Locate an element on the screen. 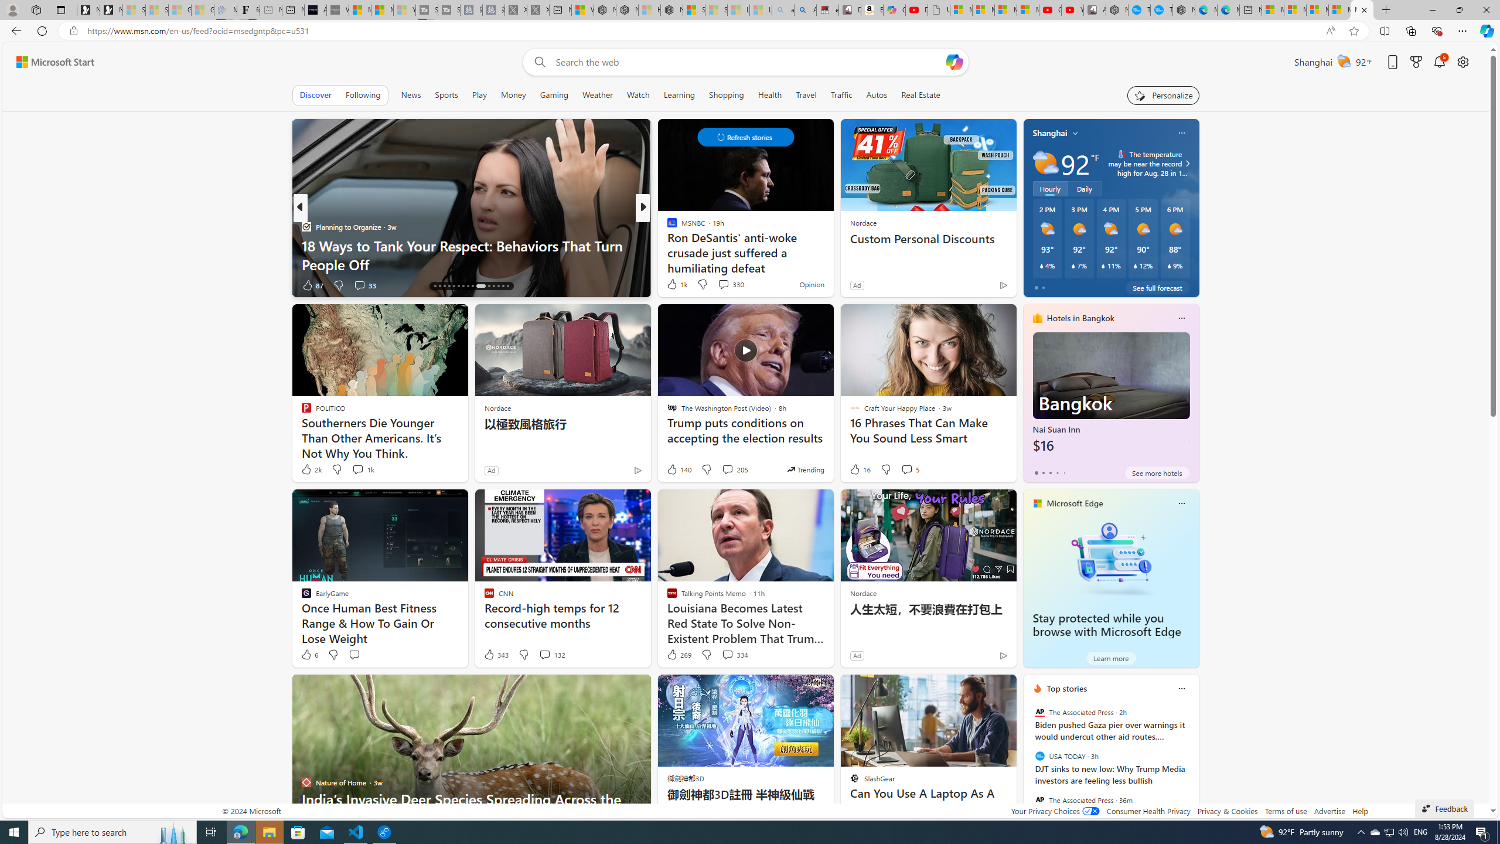 The height and width of the screenshot is (844, 1500). 'Nordace - Nordace has arrived Hong Kong' is located at coordinates (1184, 9).